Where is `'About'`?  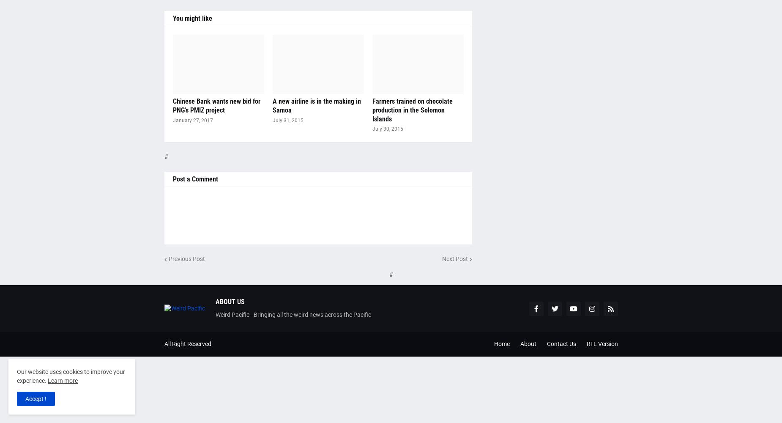
'About' is located at coordinates (527, 343).